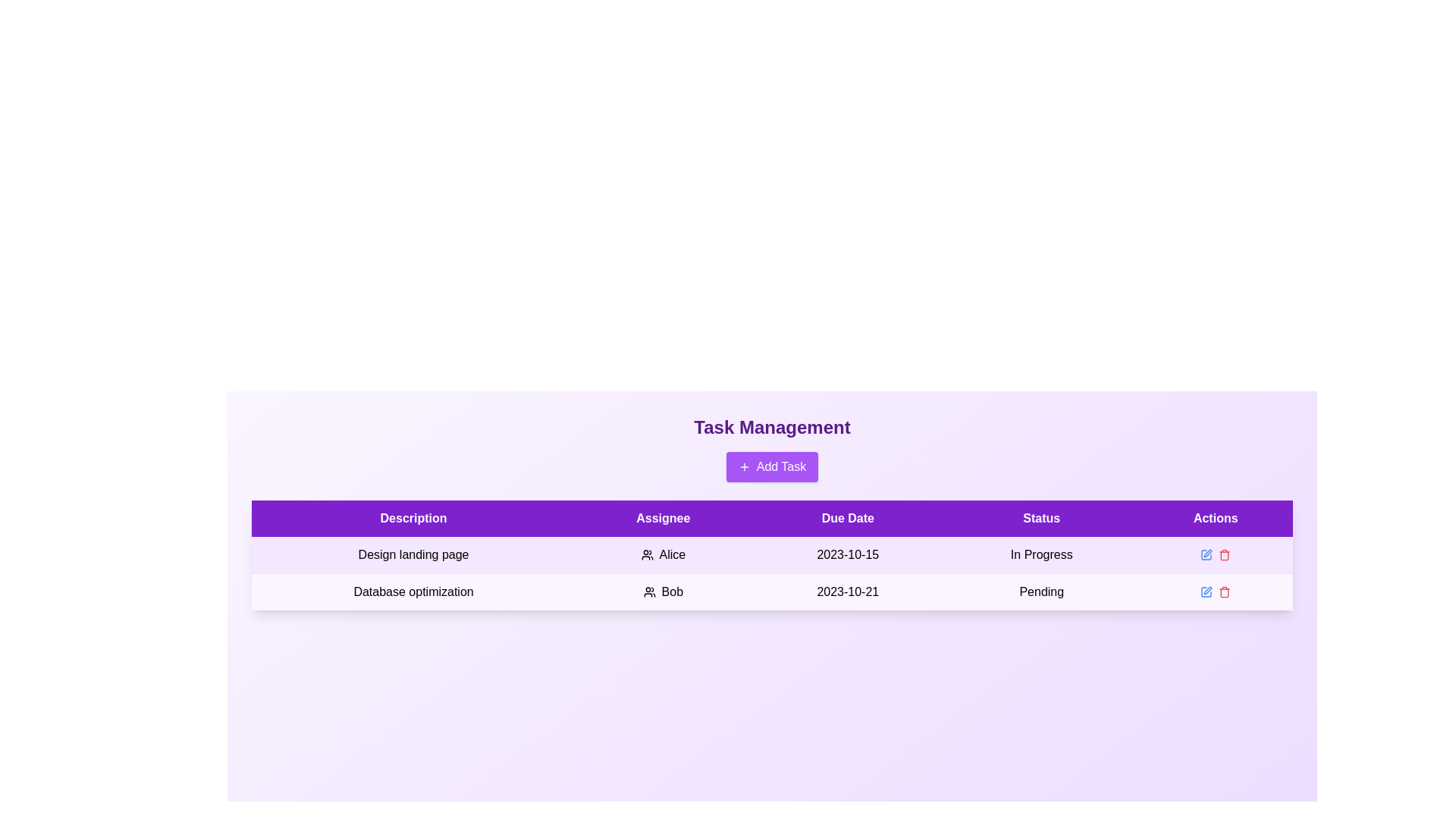  I want to click on the delete icon button, which is the second and rightmost element in the 'Actions' column for the first row in the table, to change its shade, so click(1225, 555).